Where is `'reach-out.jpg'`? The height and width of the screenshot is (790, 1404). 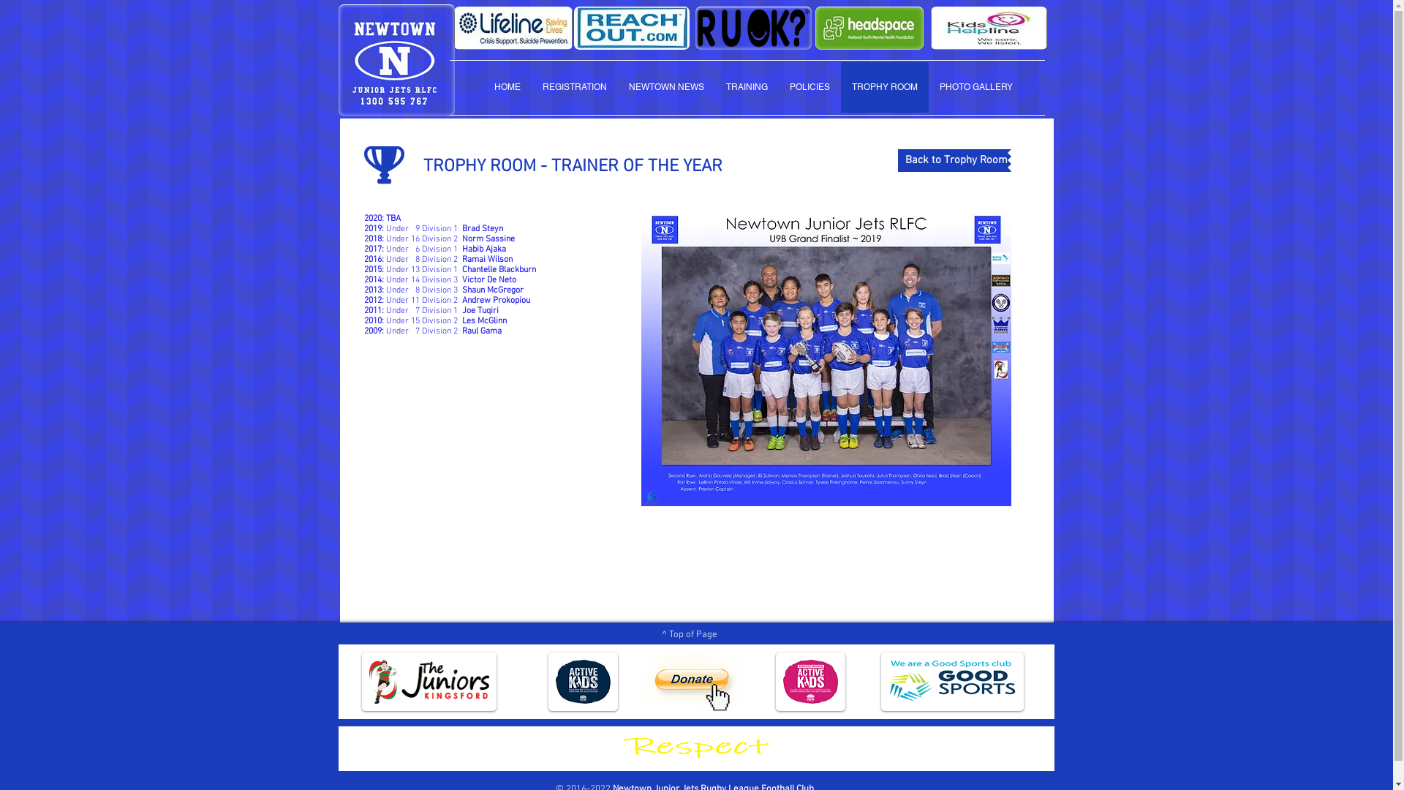
'reach-out.jpg' is located at coordinates (572, 28).